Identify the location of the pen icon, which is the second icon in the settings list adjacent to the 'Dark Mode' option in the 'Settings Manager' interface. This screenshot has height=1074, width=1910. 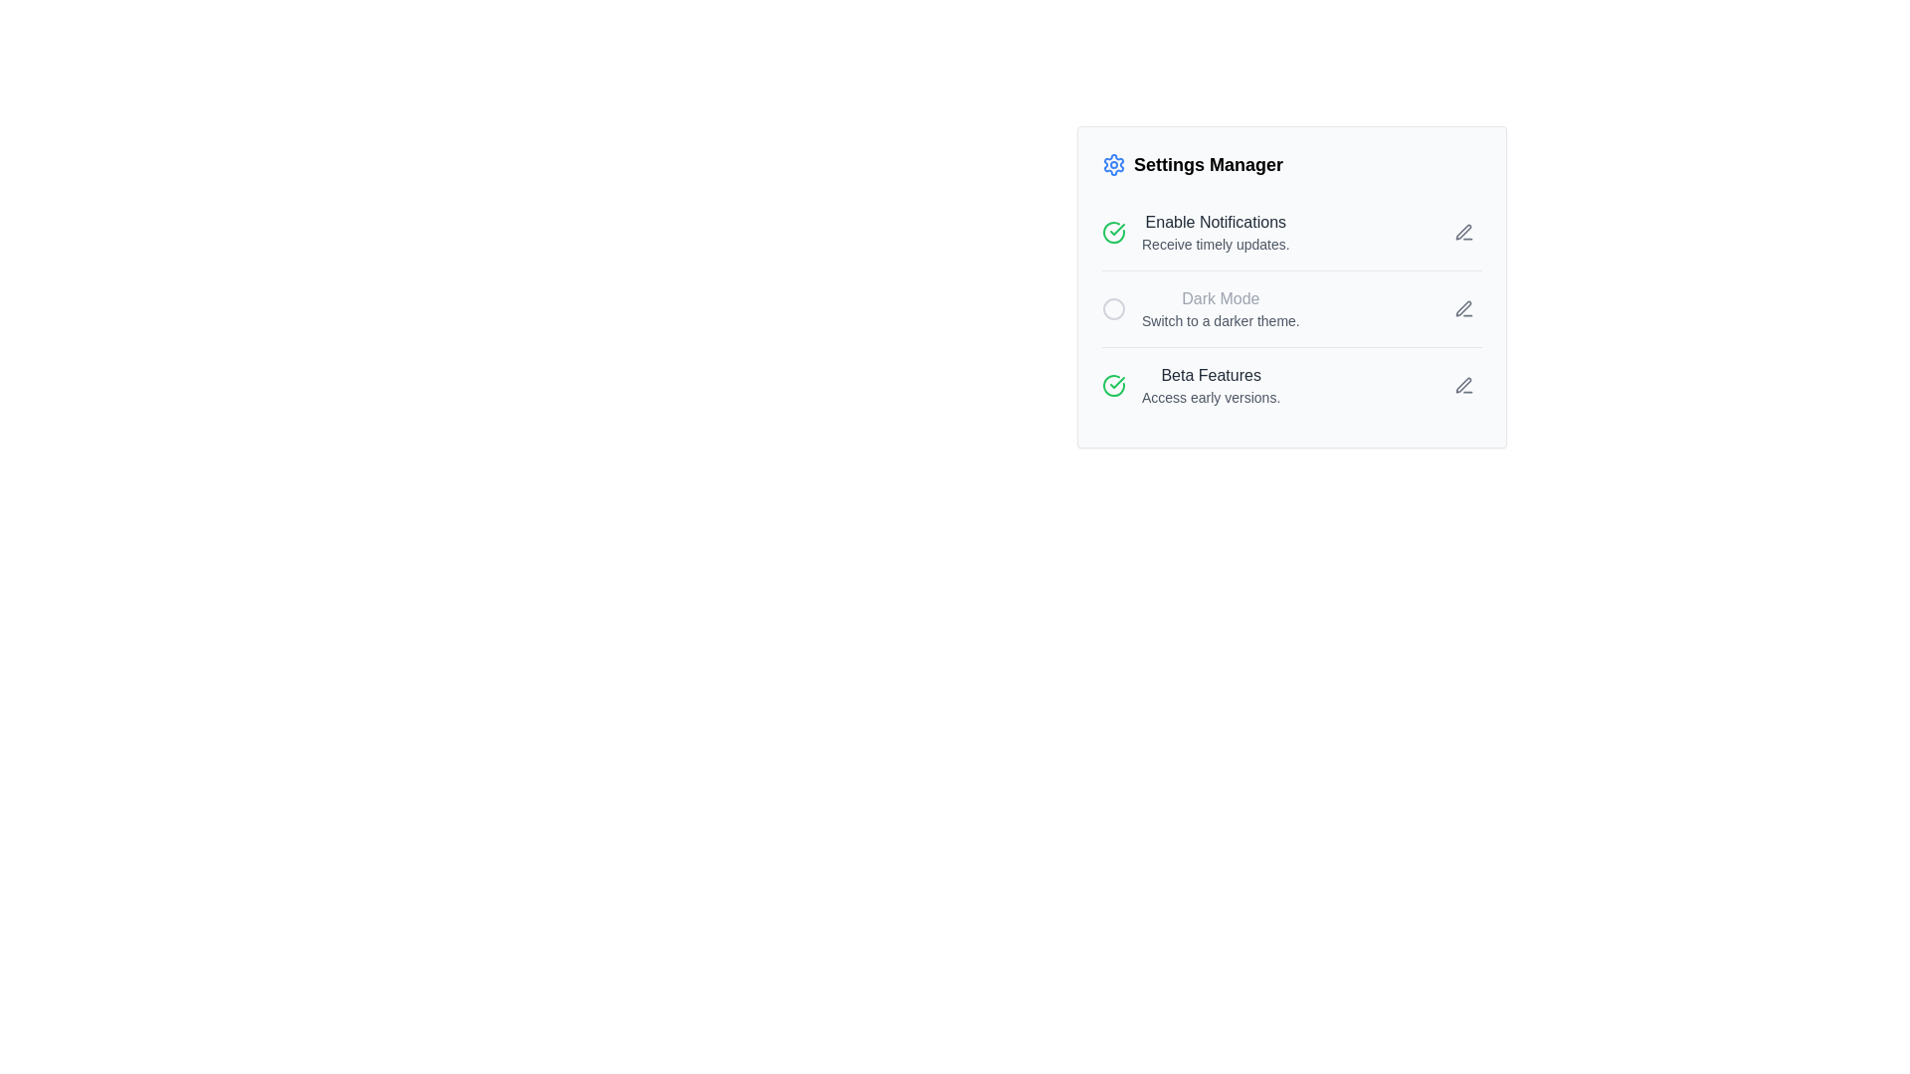
(1464, 309).